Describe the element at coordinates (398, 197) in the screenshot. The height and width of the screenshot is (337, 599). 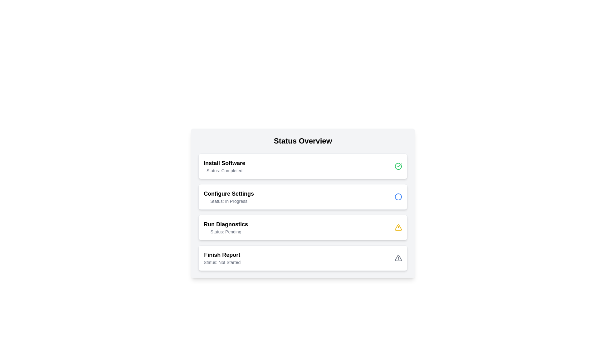
I see `the circular status indicator icon with a blue border located in the 'Configure Settings' section, aligned to the far right of the box labeled 'Status: In Progress'` at that location.